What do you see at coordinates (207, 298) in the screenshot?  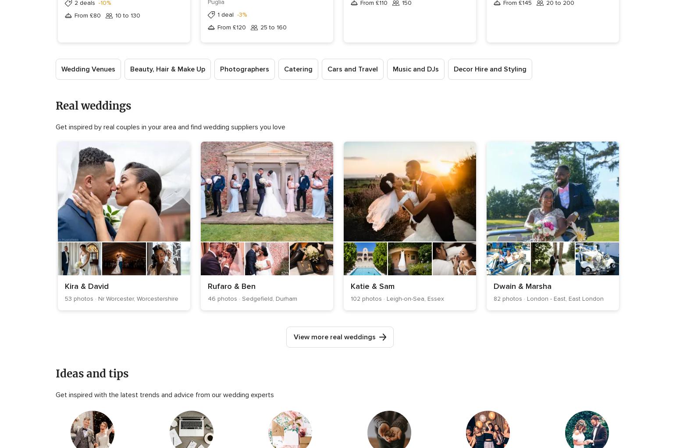 I see `'46 photos · Sedgefield, Durham'` at bounding box center [207, 298].